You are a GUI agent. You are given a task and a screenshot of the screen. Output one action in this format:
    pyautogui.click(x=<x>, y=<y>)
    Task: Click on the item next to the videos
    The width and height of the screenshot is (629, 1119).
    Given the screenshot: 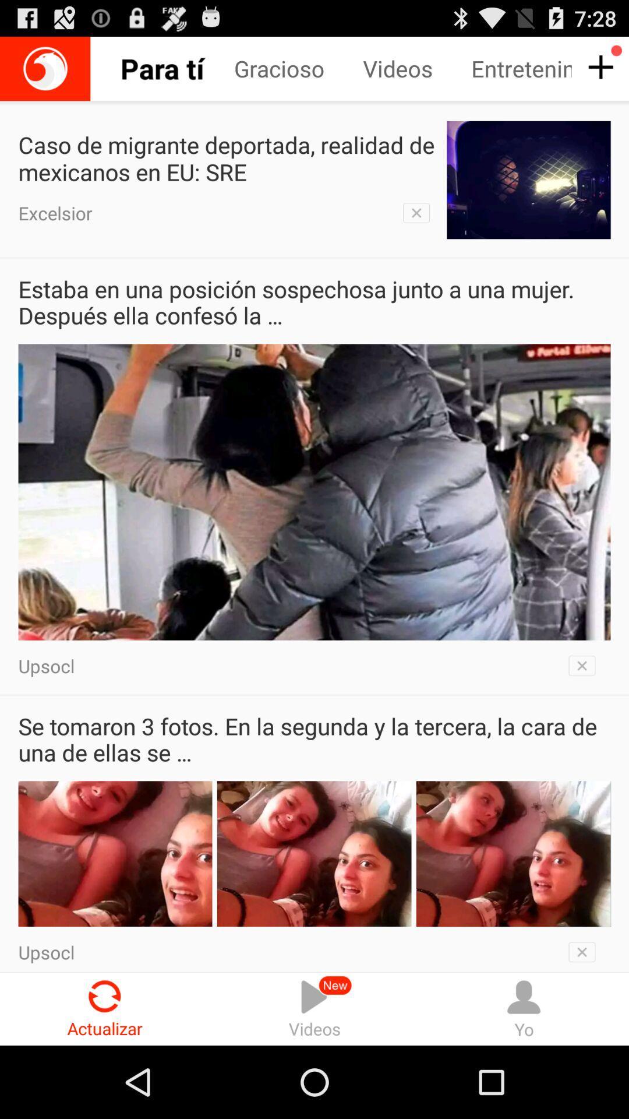 What is the action you would take?
    pyautogui.click(x=521, y=68)
    